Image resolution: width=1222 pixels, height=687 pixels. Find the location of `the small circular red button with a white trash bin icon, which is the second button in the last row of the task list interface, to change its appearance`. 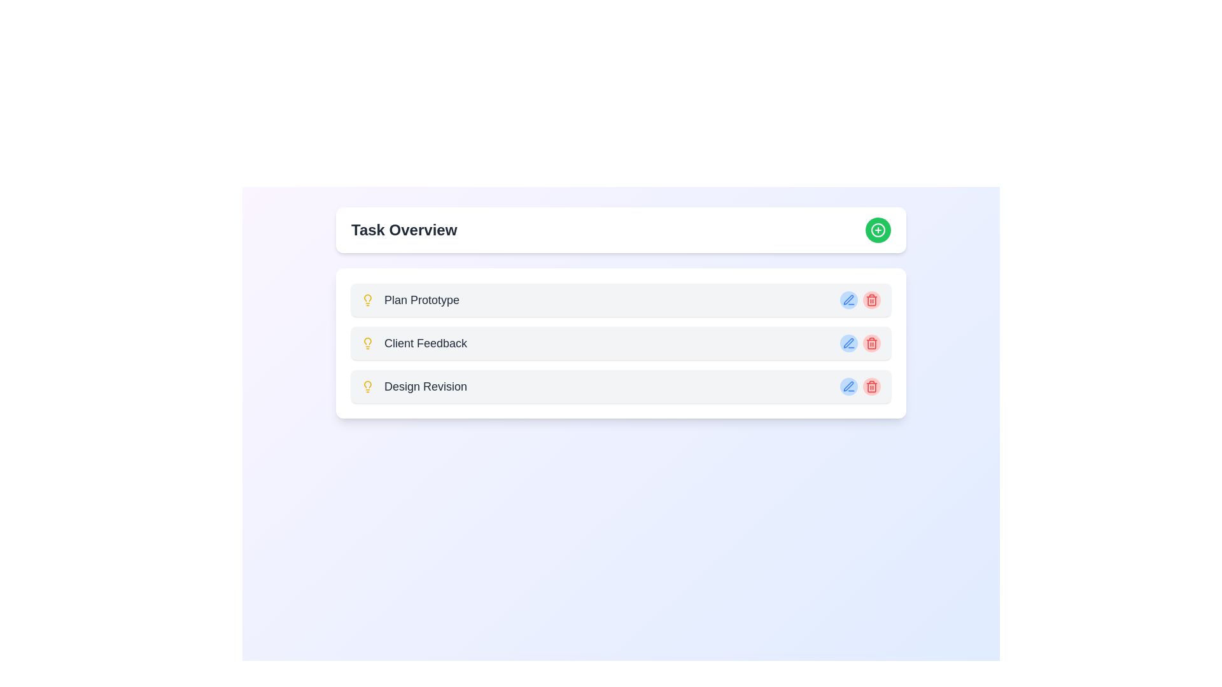

the small circular red button with a white trash bin icon, which is the second button in the last row of the task list interface, to change its appearance is located at coordinates (871, 300).